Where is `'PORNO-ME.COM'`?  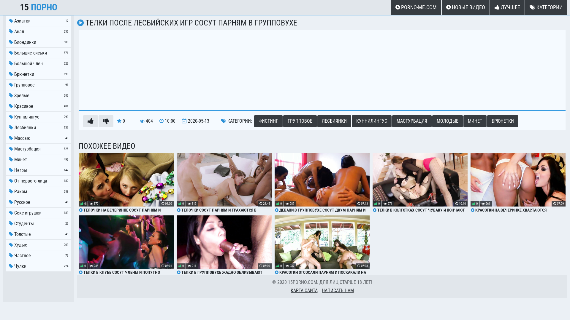 'PORNO-ME.COM' is located at coordinates (416, 7).